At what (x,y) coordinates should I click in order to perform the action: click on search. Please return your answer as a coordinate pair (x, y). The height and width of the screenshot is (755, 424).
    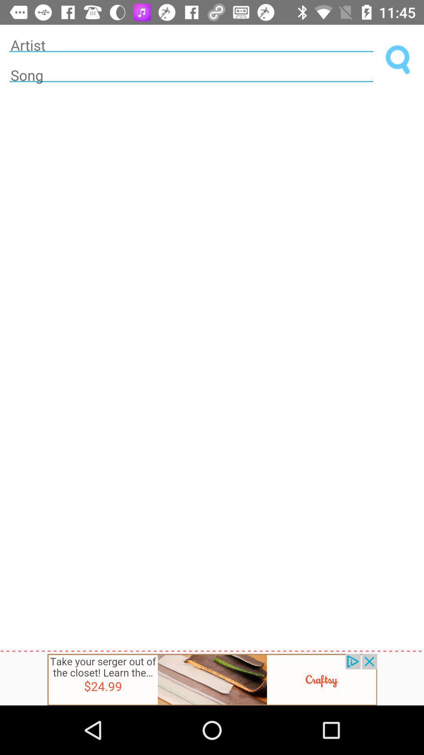
    Looking at the image, I should click on (398, 60).